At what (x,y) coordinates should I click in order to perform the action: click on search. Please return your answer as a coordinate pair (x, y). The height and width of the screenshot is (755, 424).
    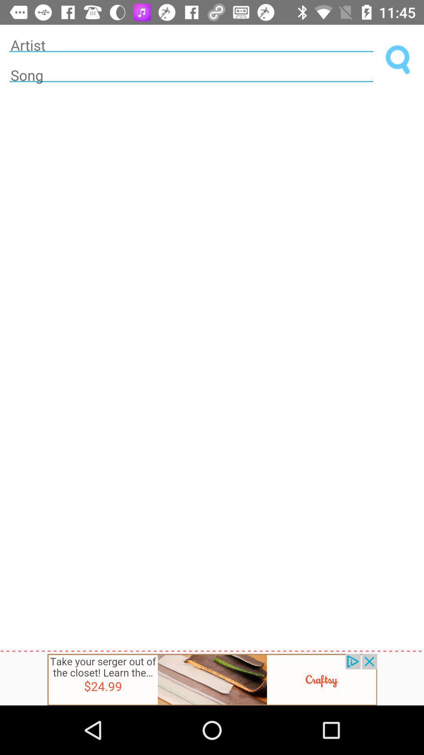
    Looking at the image, I should click on (398, 60).